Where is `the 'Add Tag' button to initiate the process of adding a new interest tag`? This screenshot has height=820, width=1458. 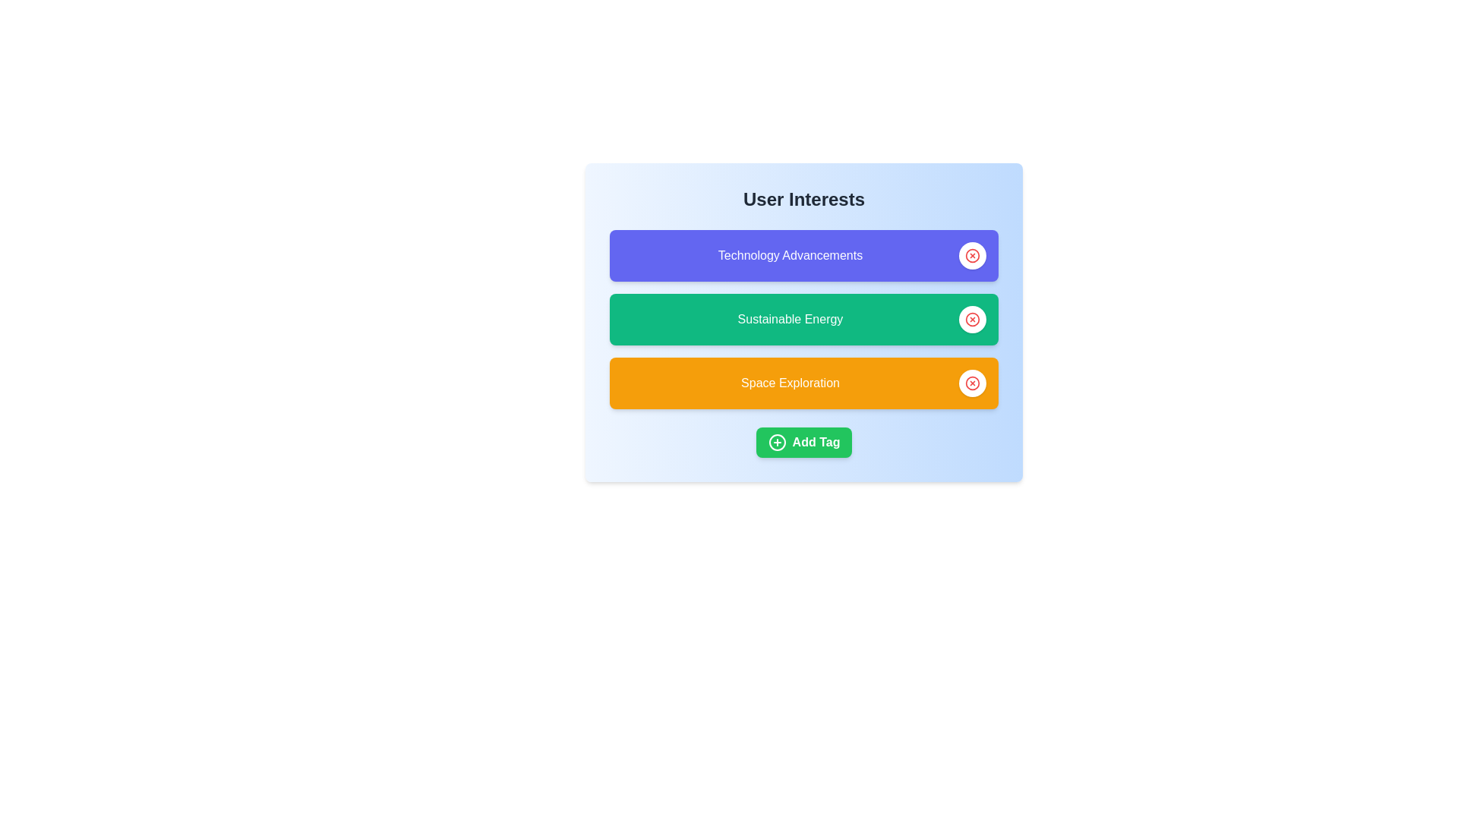
the 'Add Tag' button to initiate the process of adding a new interest tag is located at coordinates (803, 442).